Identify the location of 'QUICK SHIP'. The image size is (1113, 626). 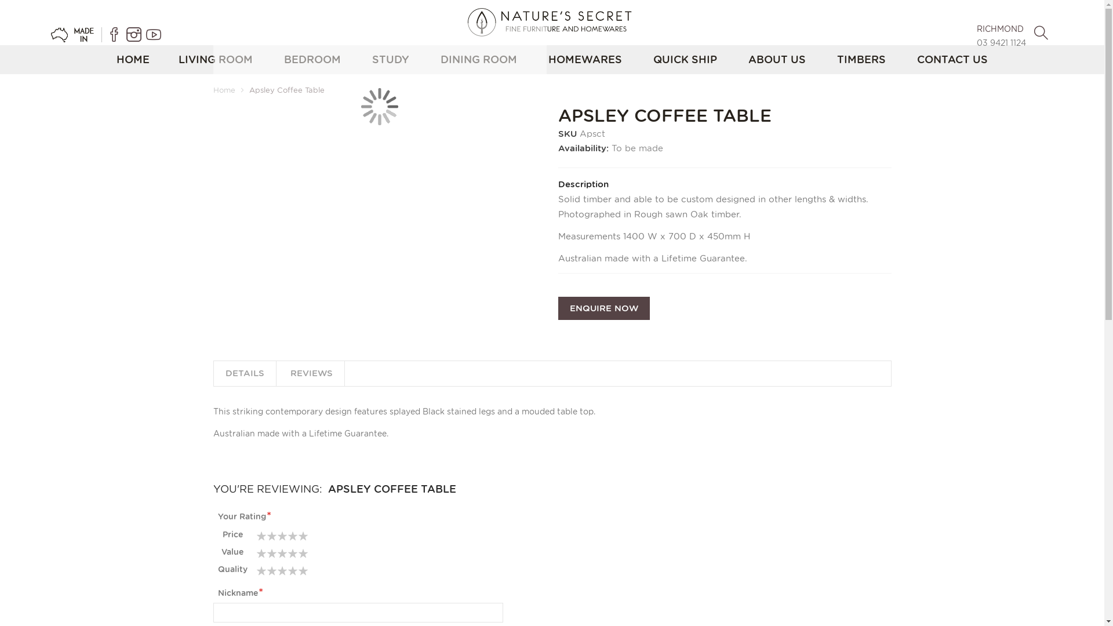
(685, 60).